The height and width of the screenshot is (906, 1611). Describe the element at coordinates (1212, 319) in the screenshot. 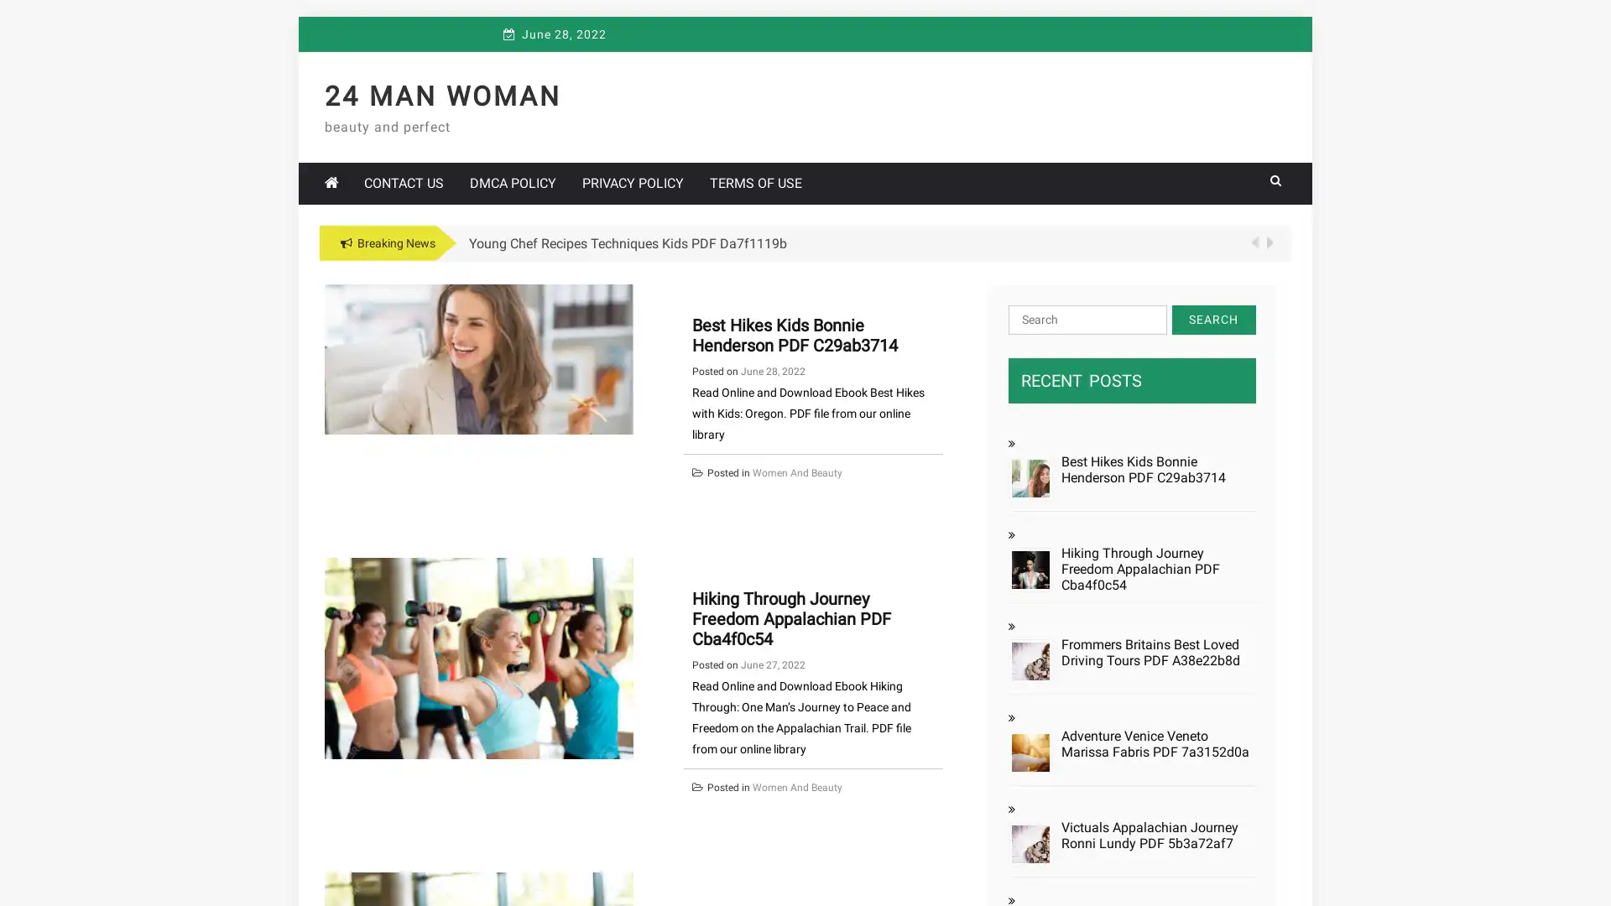

I see `Search` at that location.